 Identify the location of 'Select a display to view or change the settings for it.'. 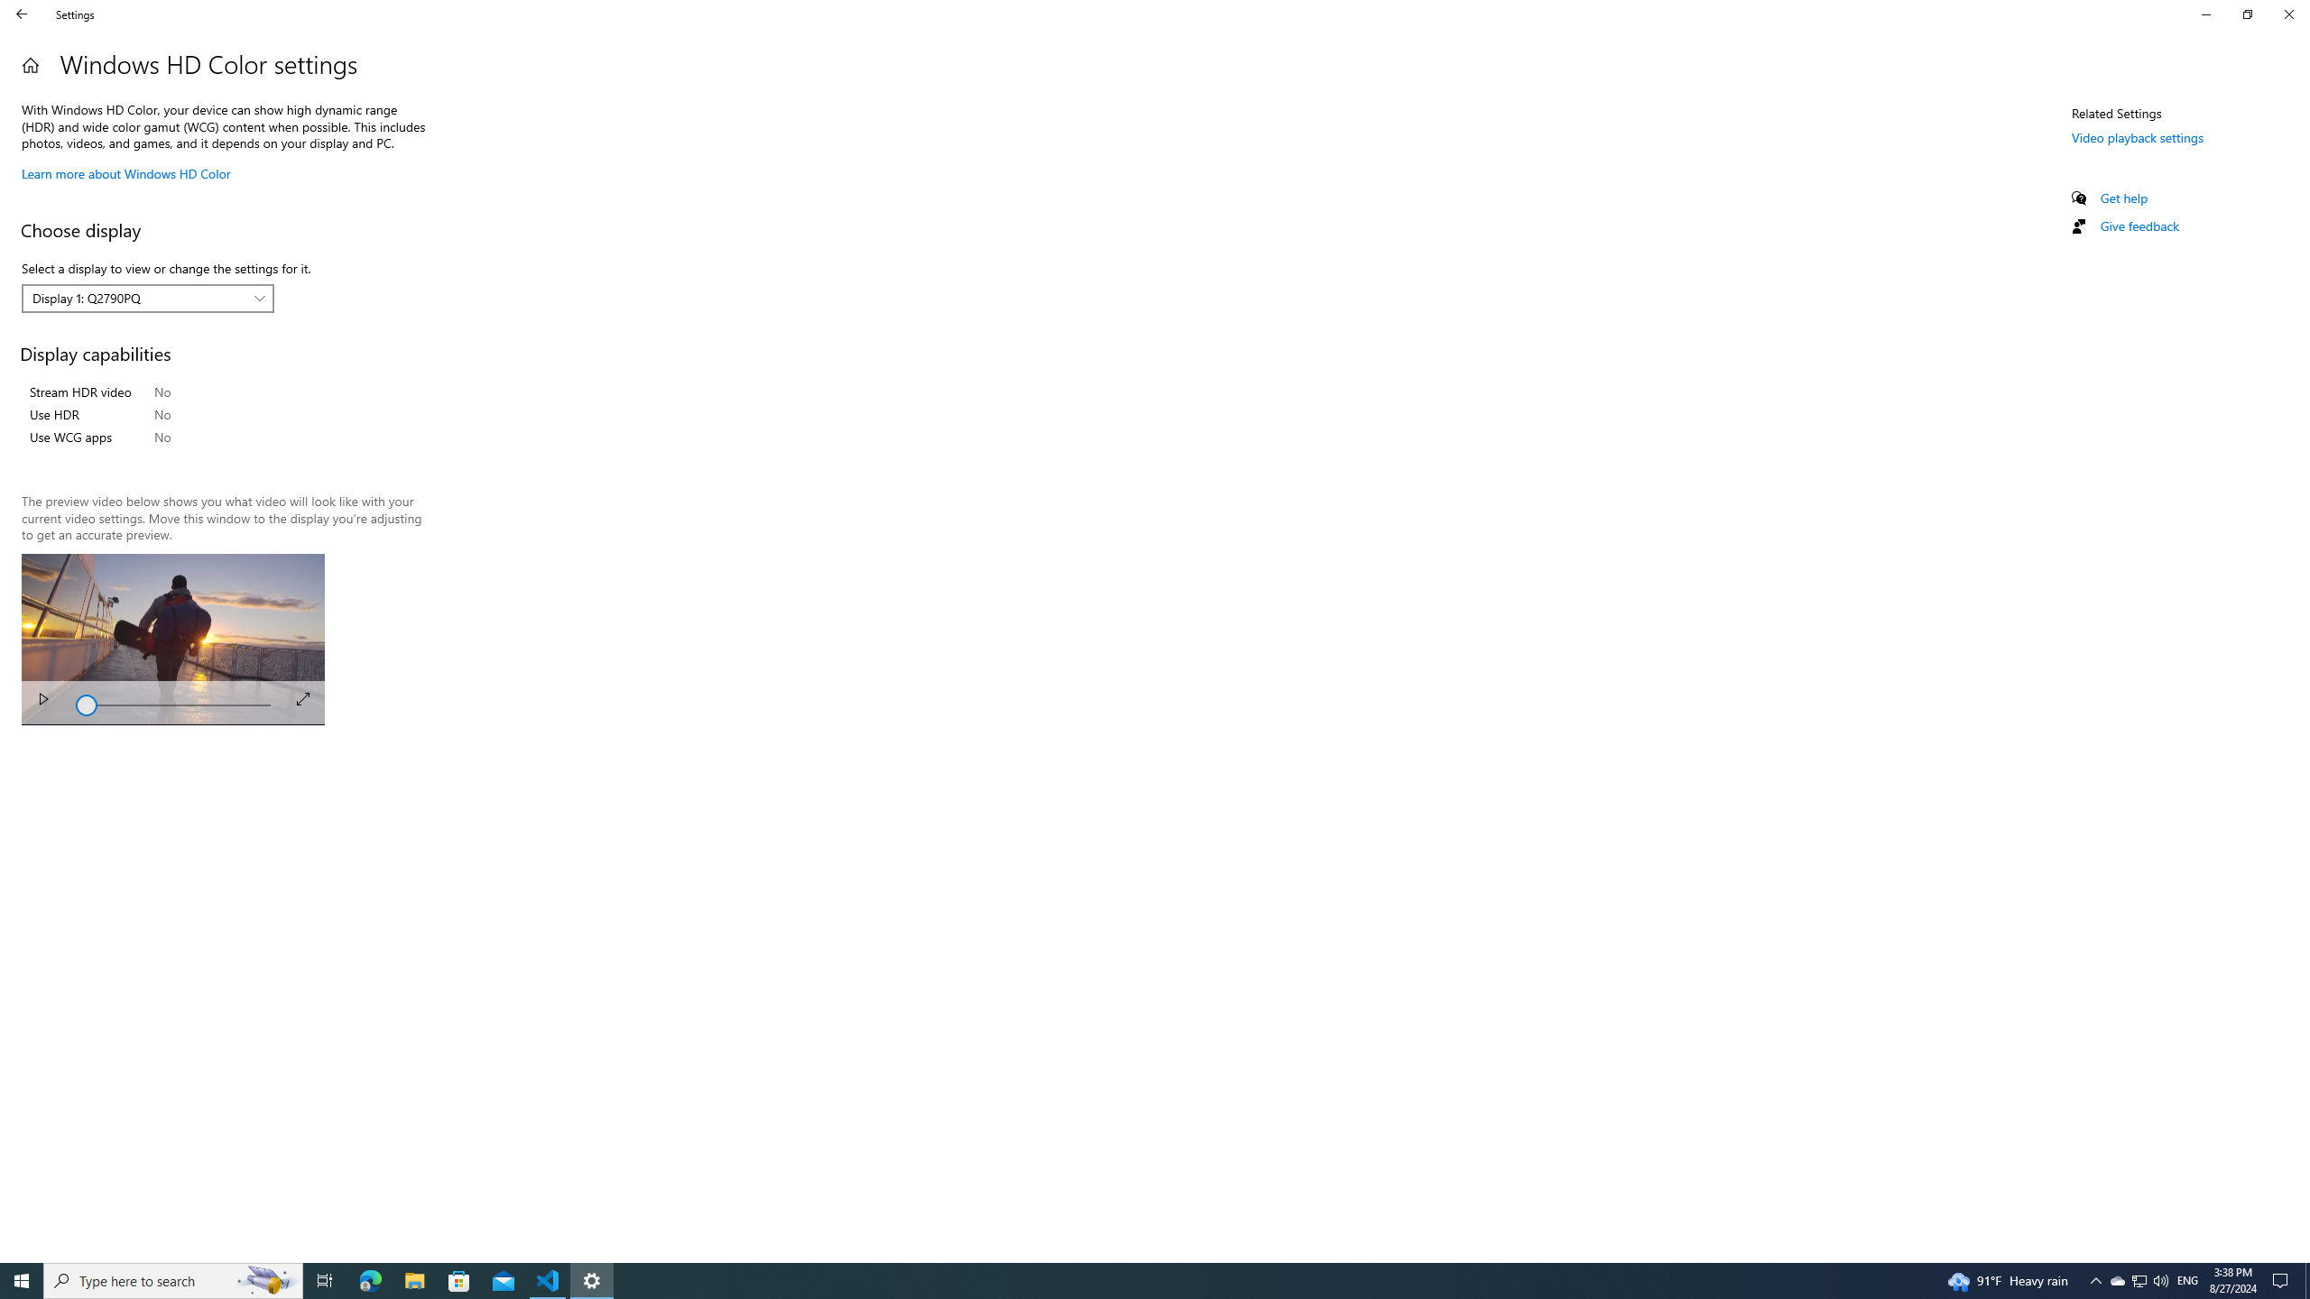
(147, 298).